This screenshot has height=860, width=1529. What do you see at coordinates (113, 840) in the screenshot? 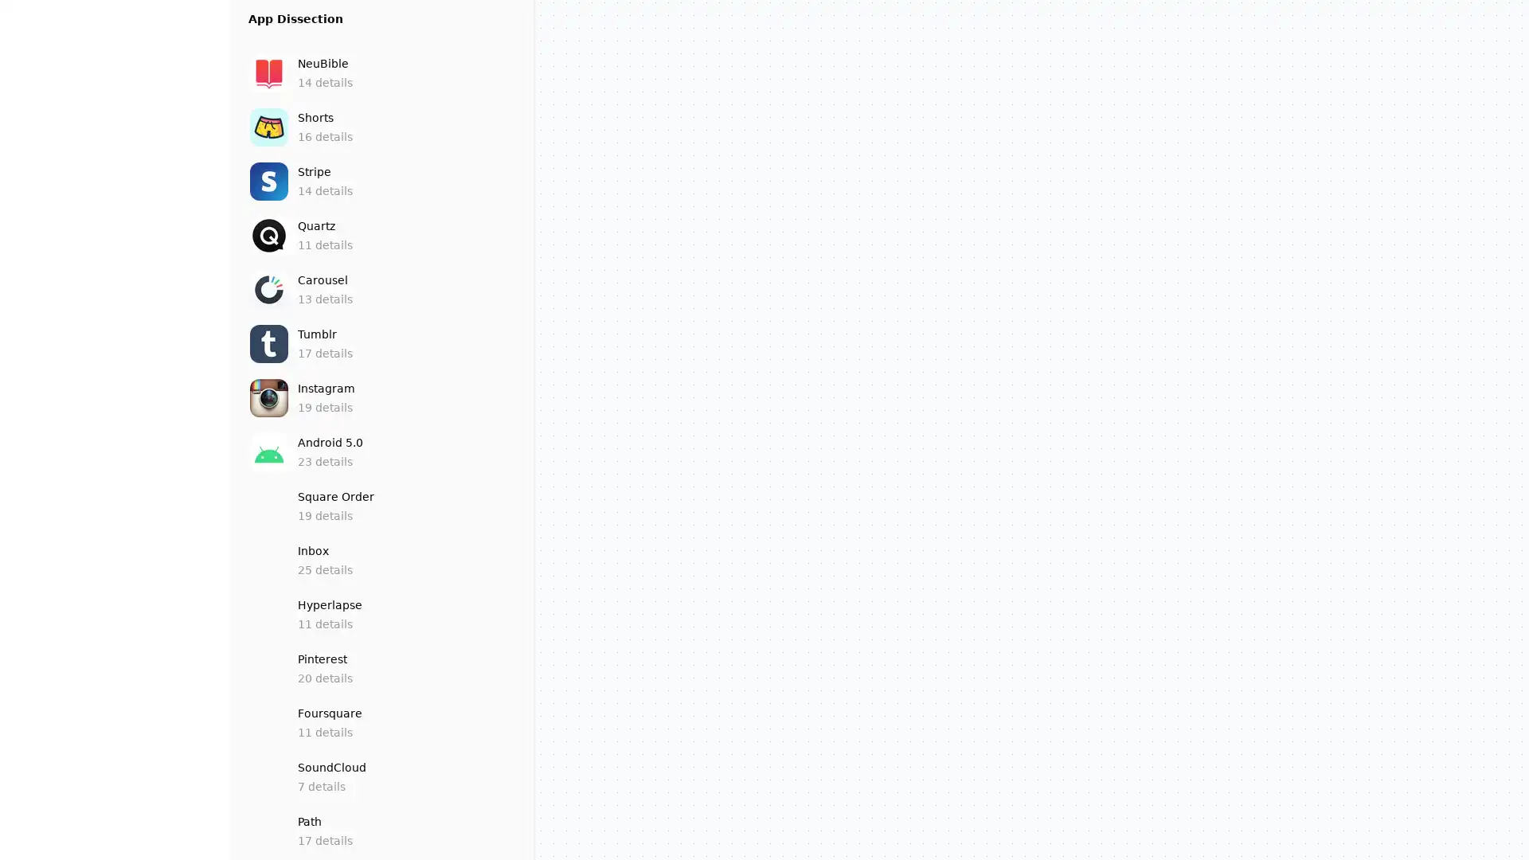
I see `Sign in` at bounding box center [113, 840].